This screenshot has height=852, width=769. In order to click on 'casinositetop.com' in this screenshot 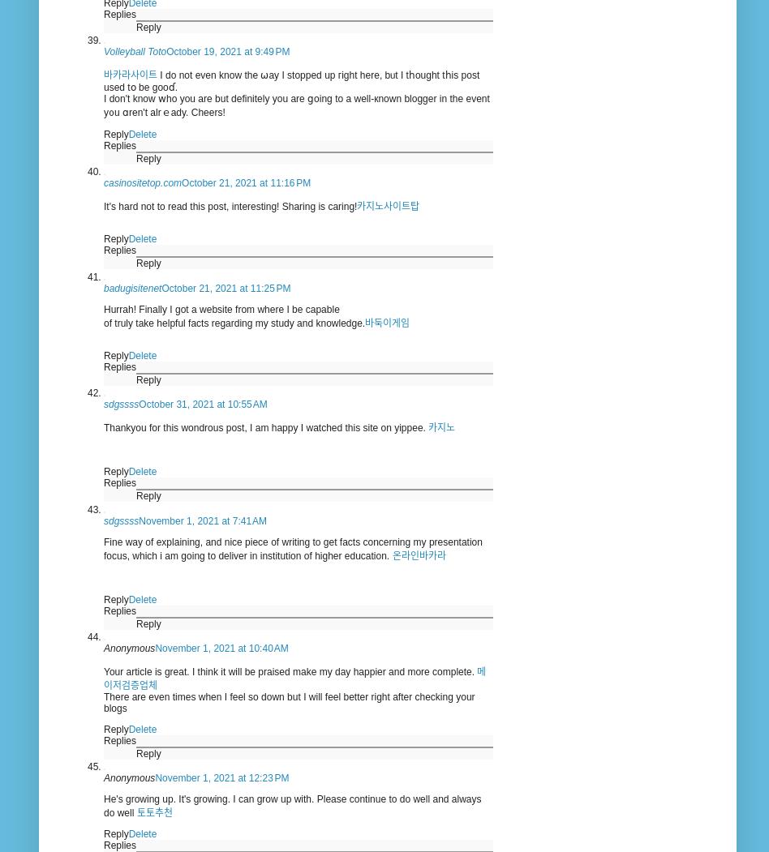, I will do `click(142, 182)`.